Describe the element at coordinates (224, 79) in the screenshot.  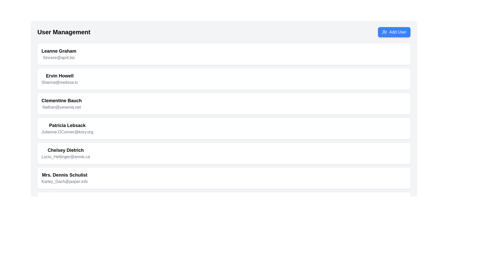
I see `the user profile entry card located between 'Leanne Graham' and 'Clementine Bauch'` at that location.